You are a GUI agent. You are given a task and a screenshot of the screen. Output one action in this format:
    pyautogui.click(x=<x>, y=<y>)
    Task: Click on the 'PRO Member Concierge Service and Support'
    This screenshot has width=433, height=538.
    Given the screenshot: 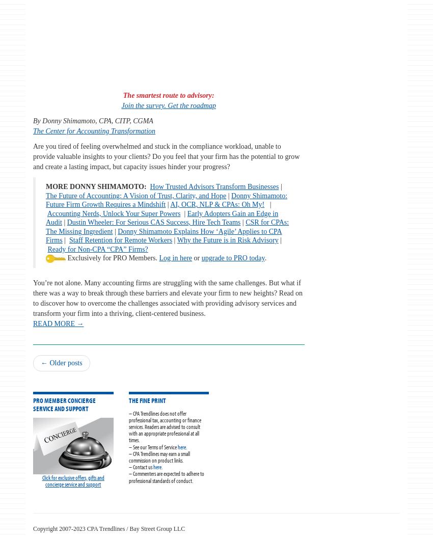 What is the action you would take?
    pyautogui.click(x=64, y=404)
    